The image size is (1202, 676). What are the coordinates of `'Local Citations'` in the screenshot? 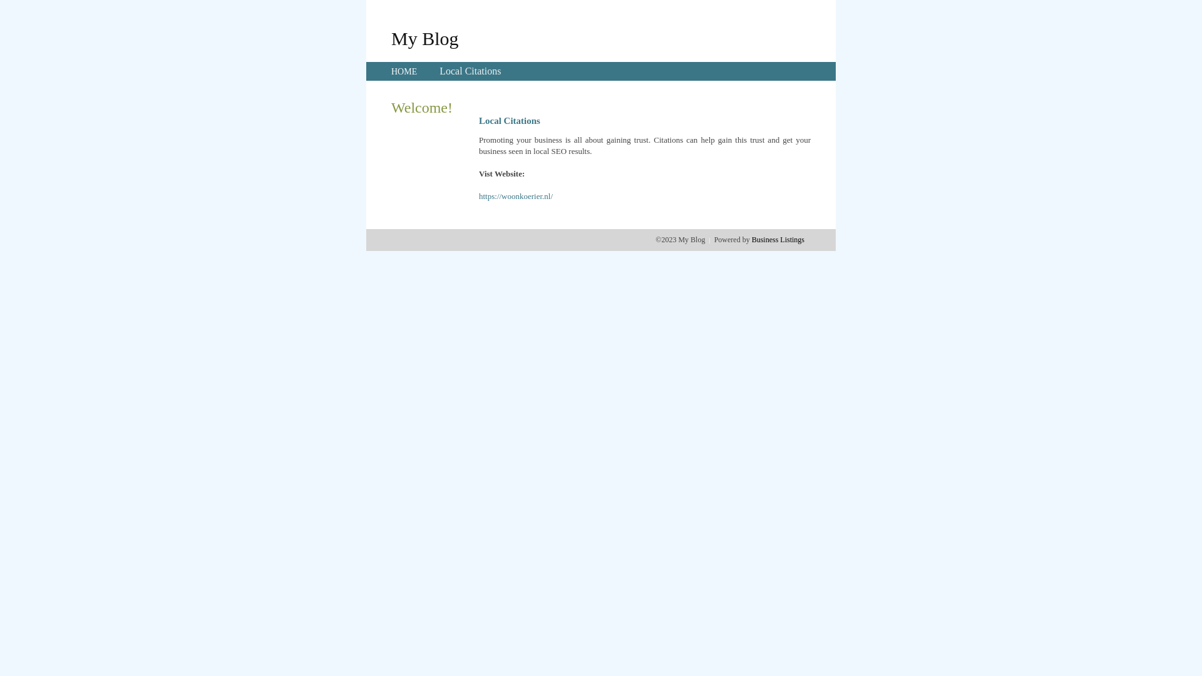 It's located at (439, 71).